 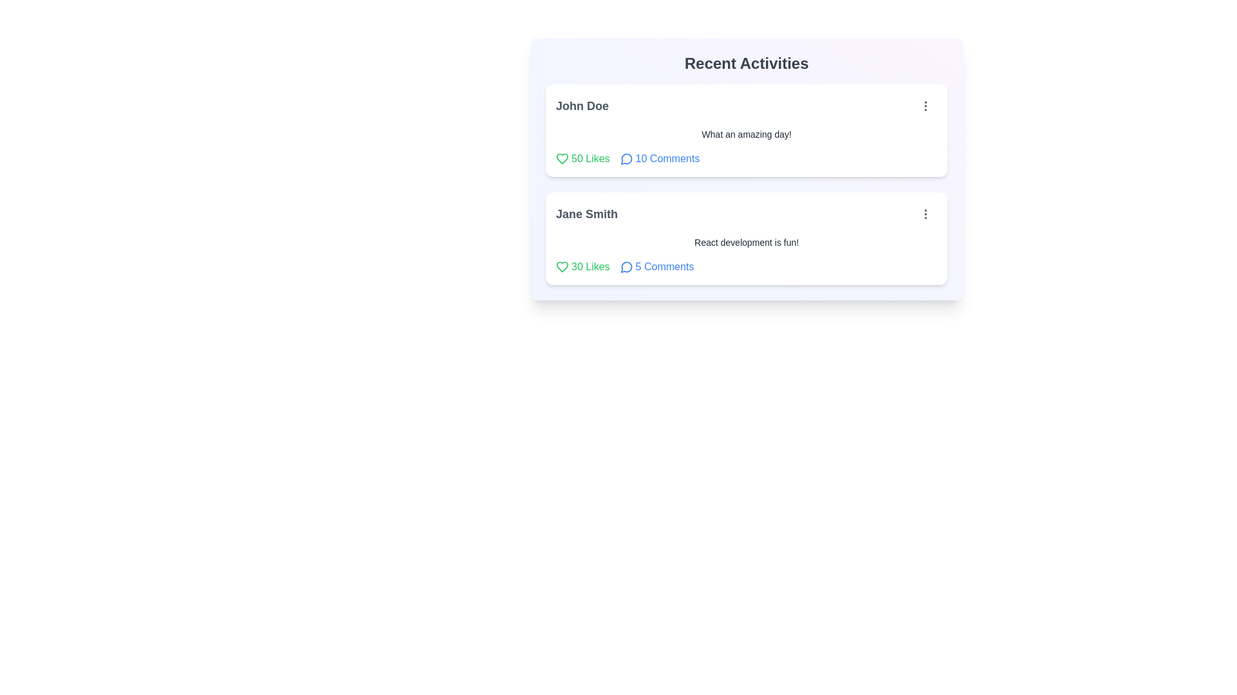 What do you see at coordinates (562, 158) in the screenshot?
I see `like button for the post identified by John Doe` at bounding box center [562, 158].